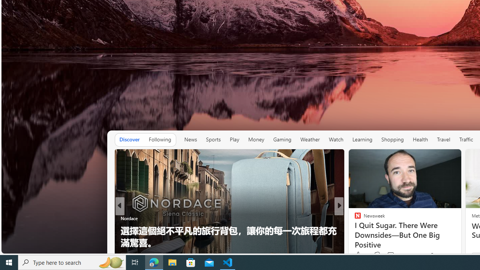  I want to click on 'Body Network', so click(354, 230).